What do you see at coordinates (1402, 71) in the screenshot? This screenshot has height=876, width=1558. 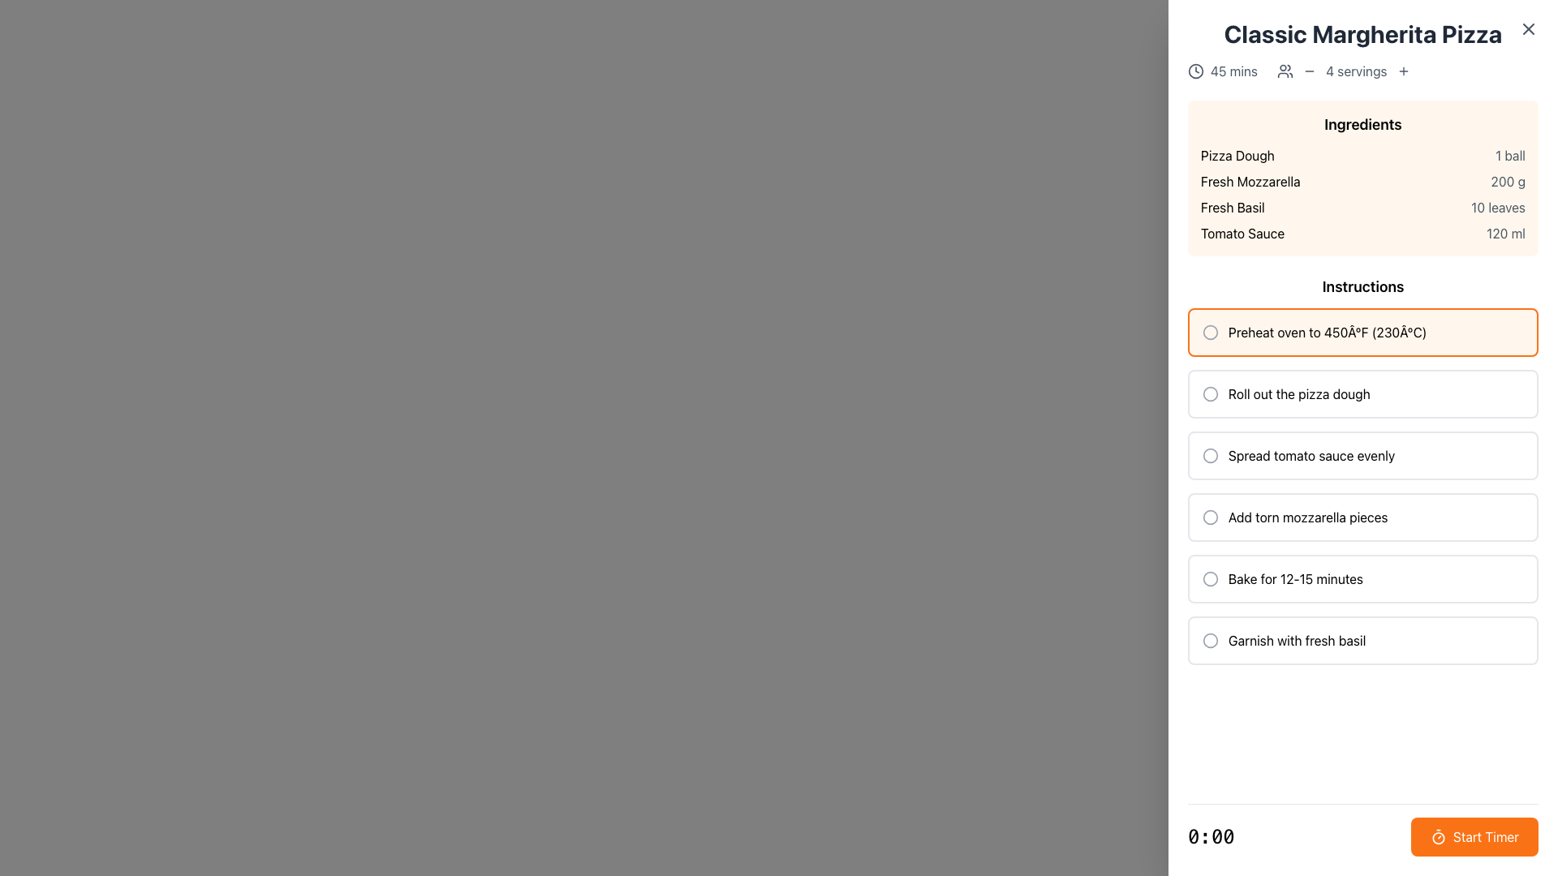 I see `the circular button with a plus icon located in the top-right corner of the serving size section, next to the text '4 servings'` at bounding box center [1402, 71].